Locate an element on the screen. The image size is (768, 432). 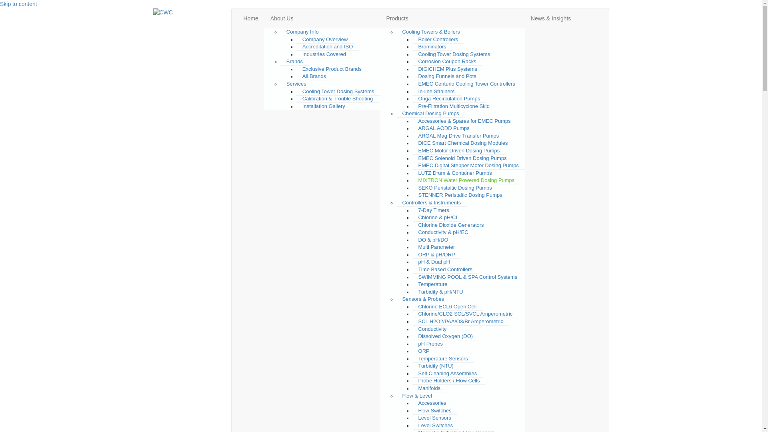
'ORP & pH/ORP' is located at coordinates (436, 254).